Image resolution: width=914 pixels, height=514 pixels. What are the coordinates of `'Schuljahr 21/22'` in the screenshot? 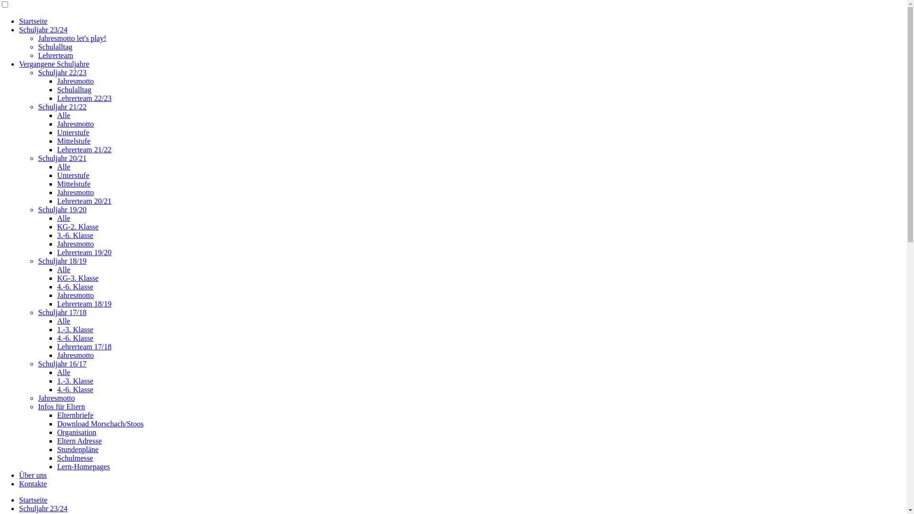 It's located at (61, 107).